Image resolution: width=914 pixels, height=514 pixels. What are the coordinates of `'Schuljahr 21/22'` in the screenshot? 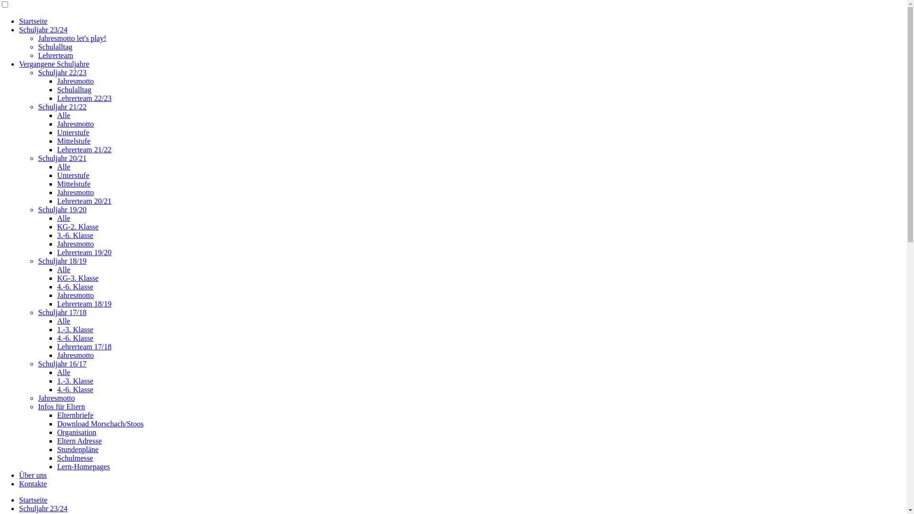 It's located at (61, 107).